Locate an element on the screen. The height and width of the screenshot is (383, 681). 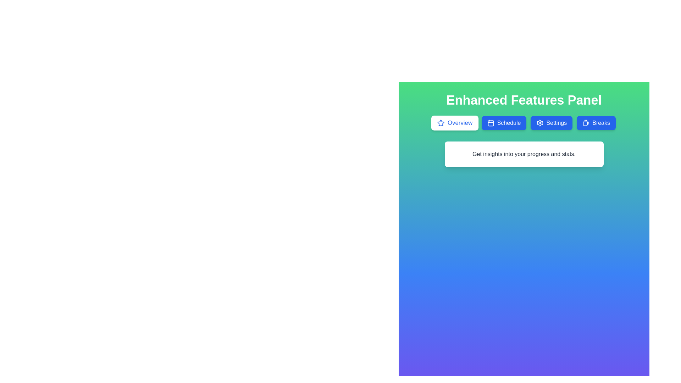
the calendar icon inside the 'Schedule' button, which is the second button from the left in the horizontal row of buttons near the top of the interface is located at coordinates (490, 123).